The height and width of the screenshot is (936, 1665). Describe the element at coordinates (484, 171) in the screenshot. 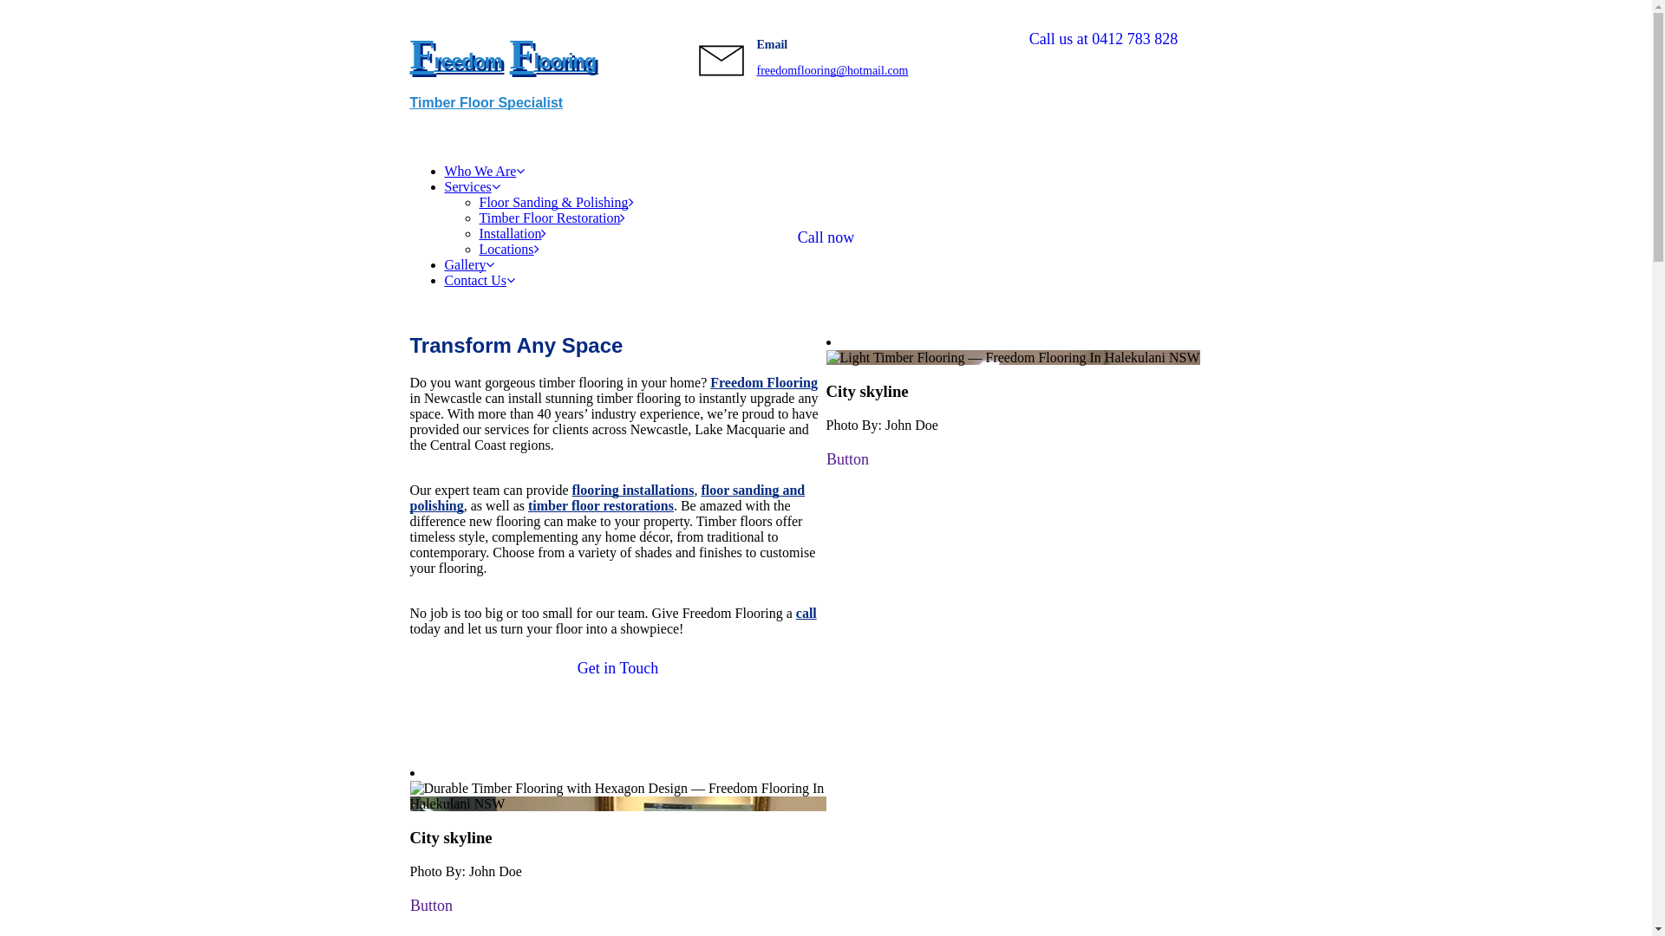

I see `'Who We Are'` at that location.